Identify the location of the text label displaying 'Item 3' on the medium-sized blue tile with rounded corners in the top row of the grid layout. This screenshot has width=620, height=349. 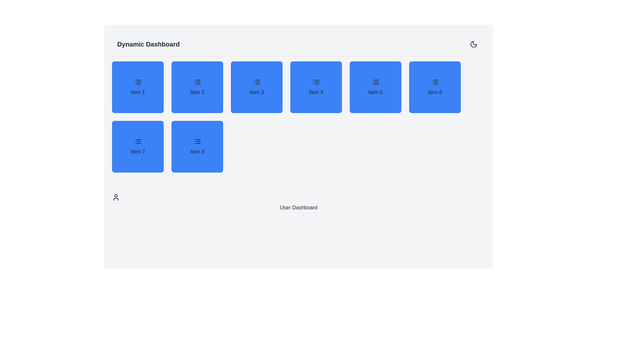
(256, 92).